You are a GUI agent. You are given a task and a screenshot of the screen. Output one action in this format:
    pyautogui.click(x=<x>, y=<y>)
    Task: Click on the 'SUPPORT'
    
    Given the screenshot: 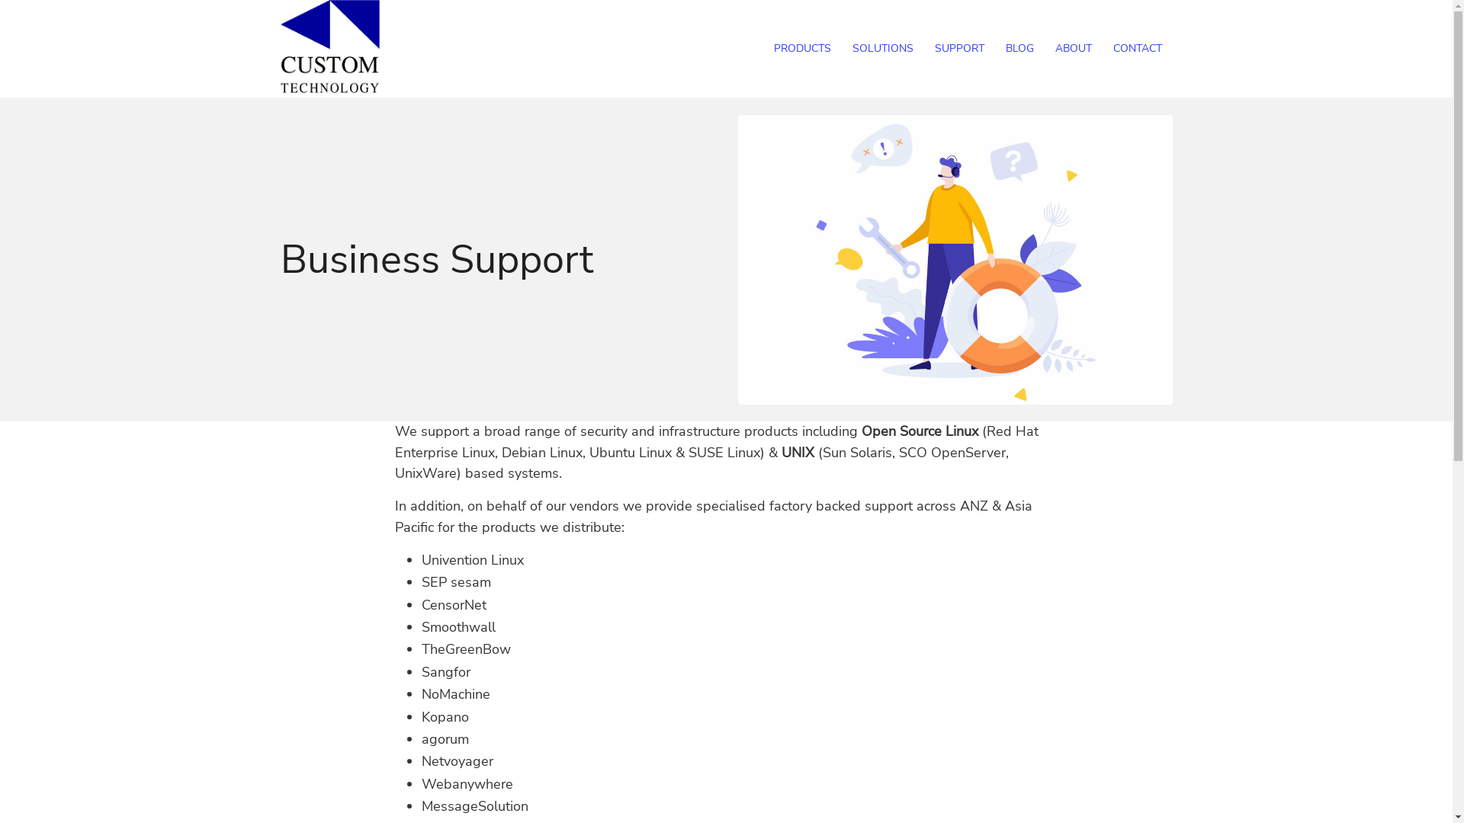 What is the action you would take?
    pyautogui.click(x=958, y=48)
    